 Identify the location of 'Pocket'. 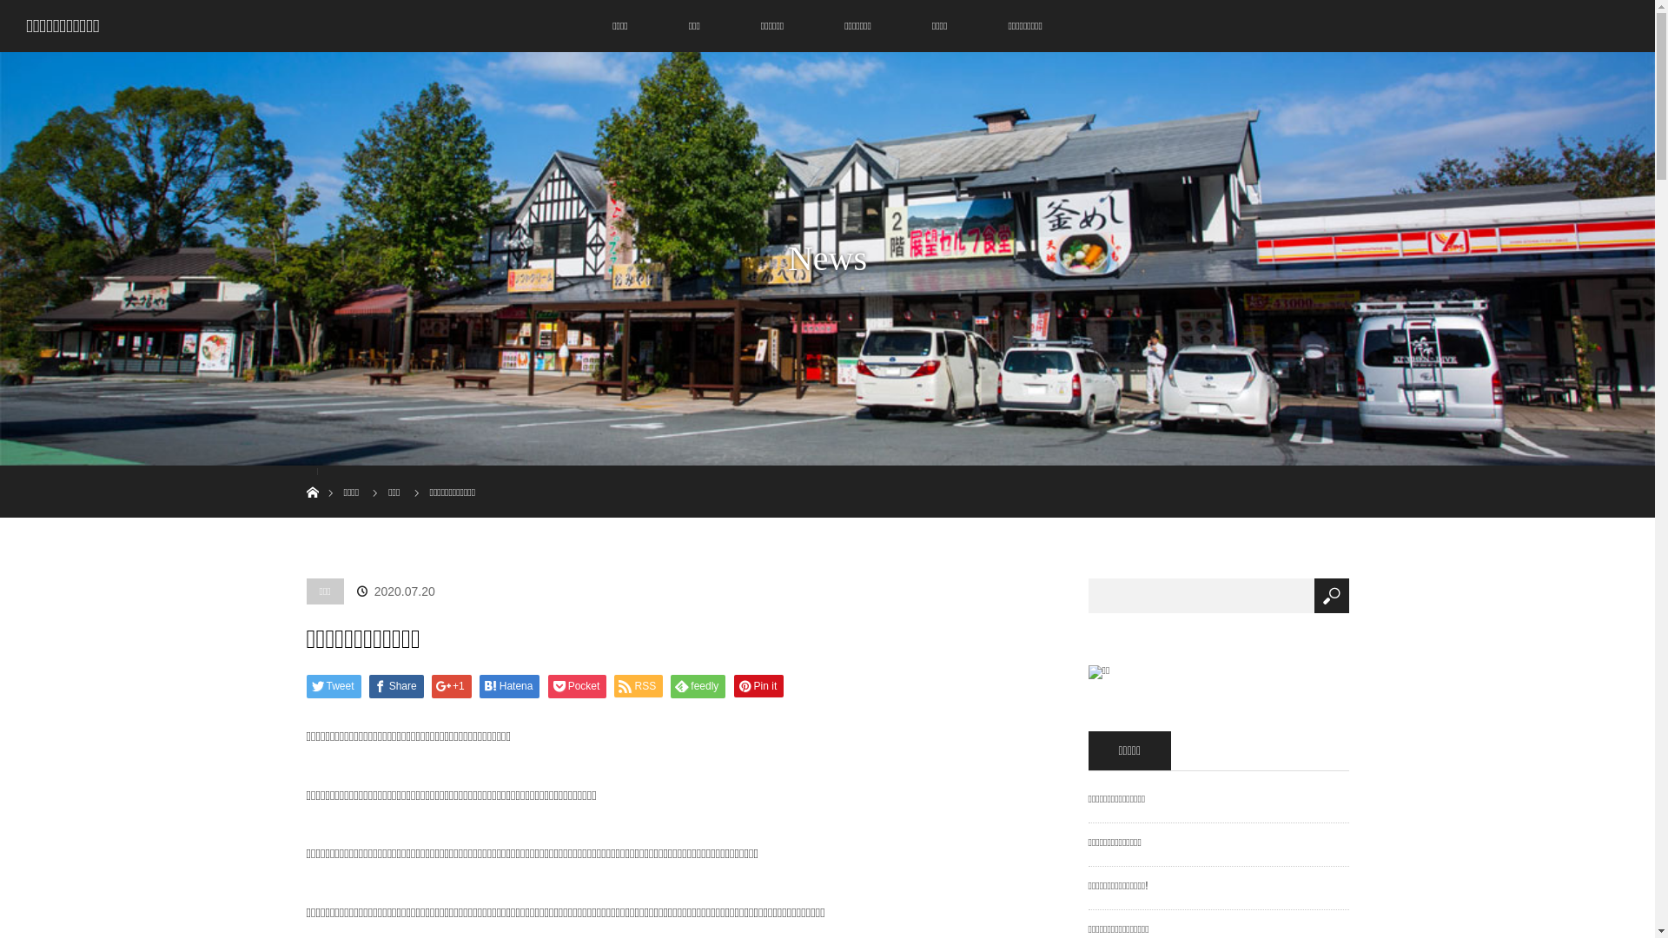
(578, 685).